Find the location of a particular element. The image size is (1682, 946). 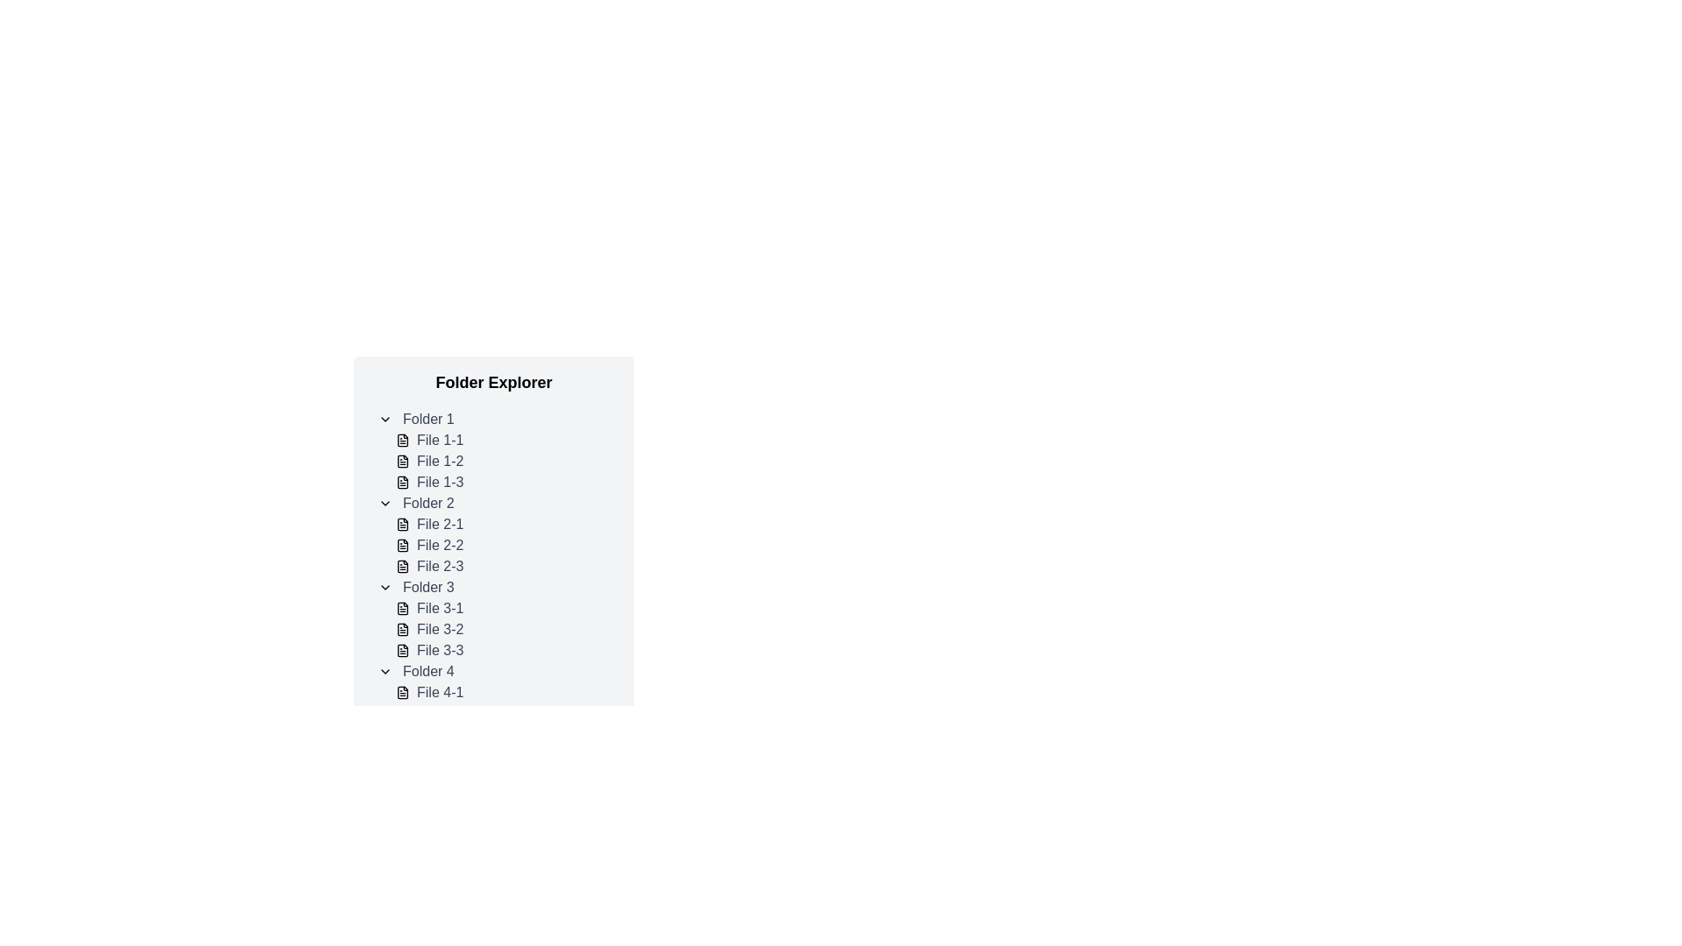

the document icon, which is the first item under 'Folder 4' in the 'Folder Explorer' section is located at coordinates (402, 691).